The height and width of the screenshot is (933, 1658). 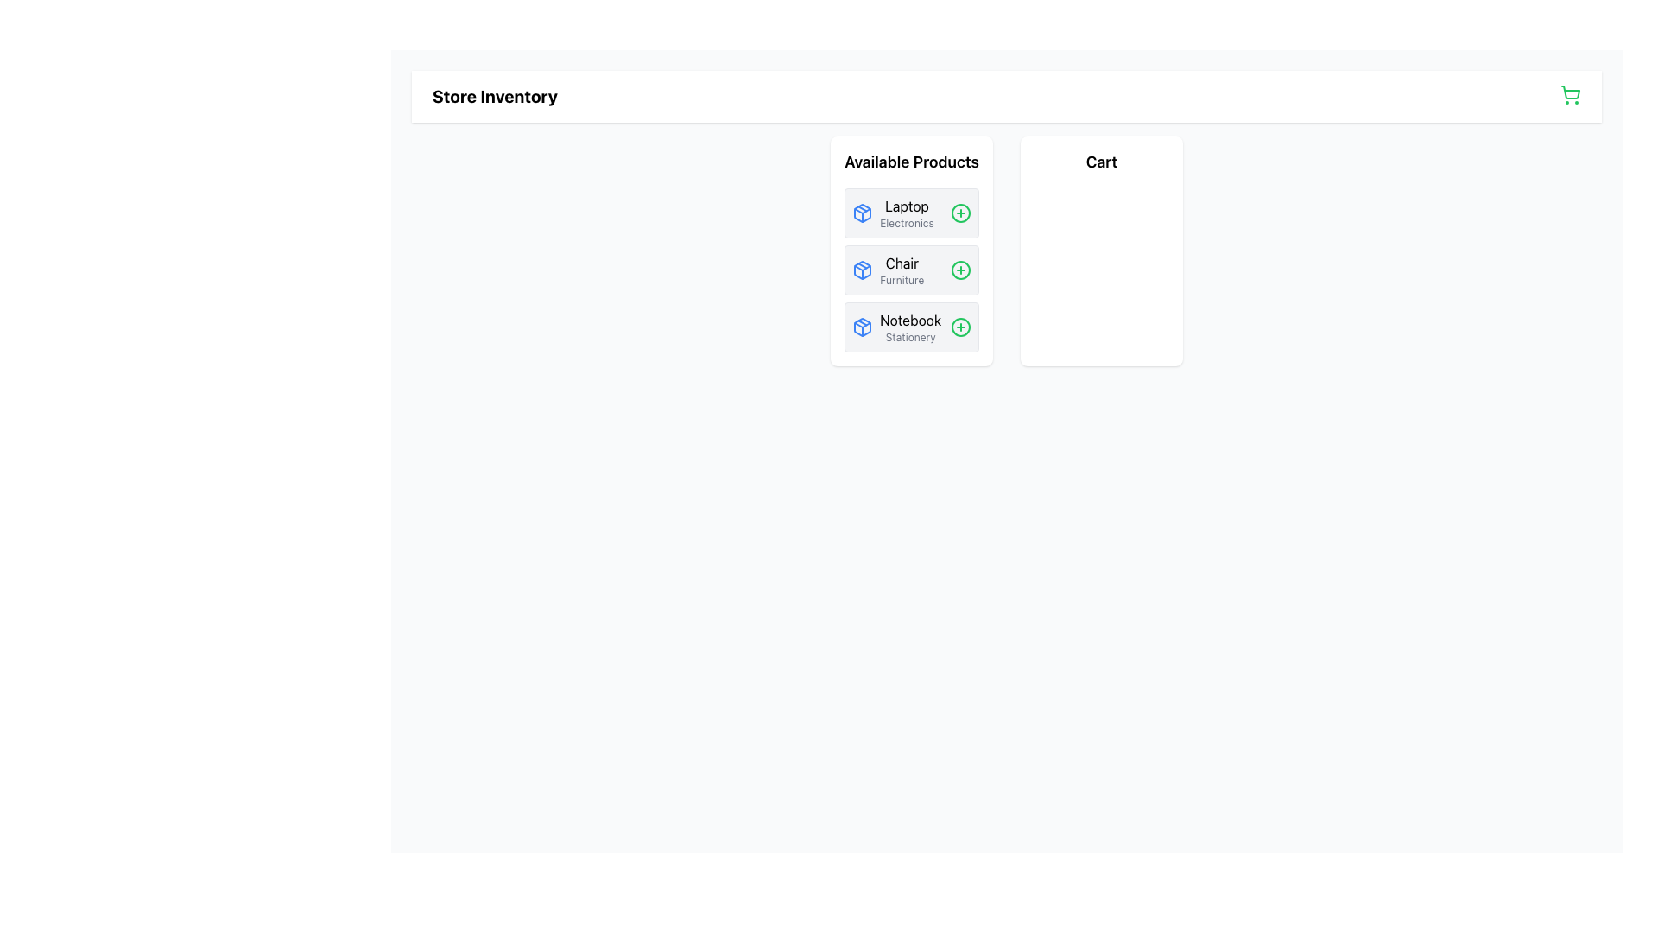 I want to click on the 'Laptop' text label in the 'Available Products' section, which is located to the right of a blue square icon and to the left of a green circular '+' icon, so click(x=906, y=212).